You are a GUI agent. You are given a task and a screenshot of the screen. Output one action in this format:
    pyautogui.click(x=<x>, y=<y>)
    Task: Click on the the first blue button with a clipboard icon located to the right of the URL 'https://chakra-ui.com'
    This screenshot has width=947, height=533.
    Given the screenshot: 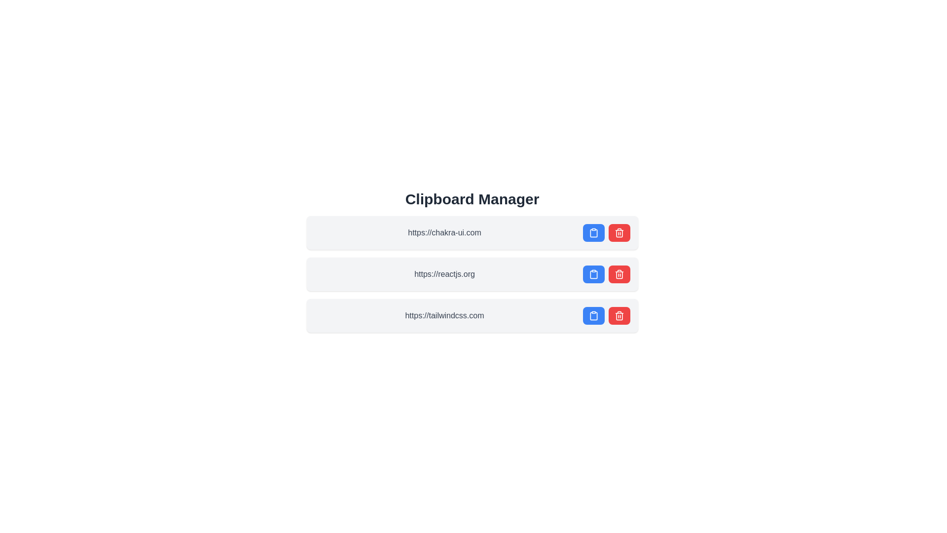 What is the action you would take?
    pyautogui.click(x=593, y=232)
    